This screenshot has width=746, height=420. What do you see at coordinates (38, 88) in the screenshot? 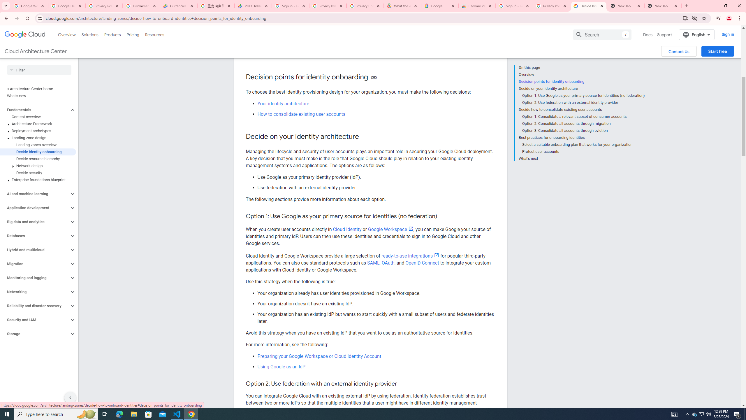
I see `'< Architecture Center home'` at bounding box center [38, 88].